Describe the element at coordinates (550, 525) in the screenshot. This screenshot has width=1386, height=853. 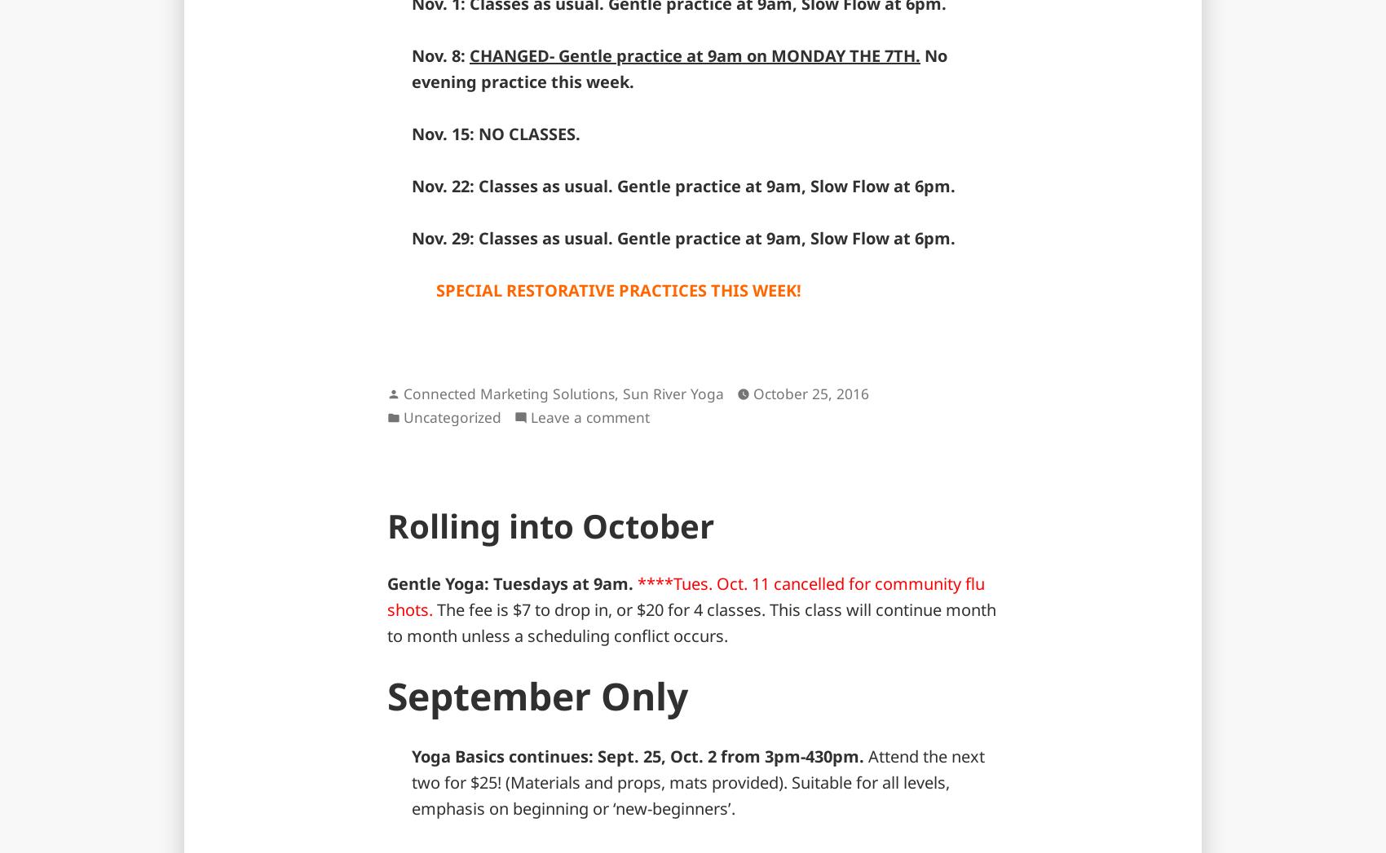
I see `'Rolling into October'` at that location.